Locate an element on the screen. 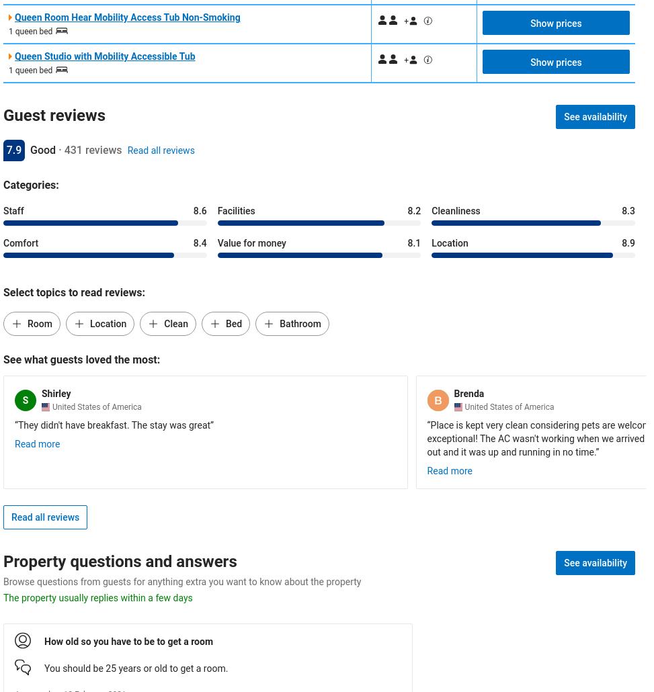  'Clean' is located at coordinates (175, 323).